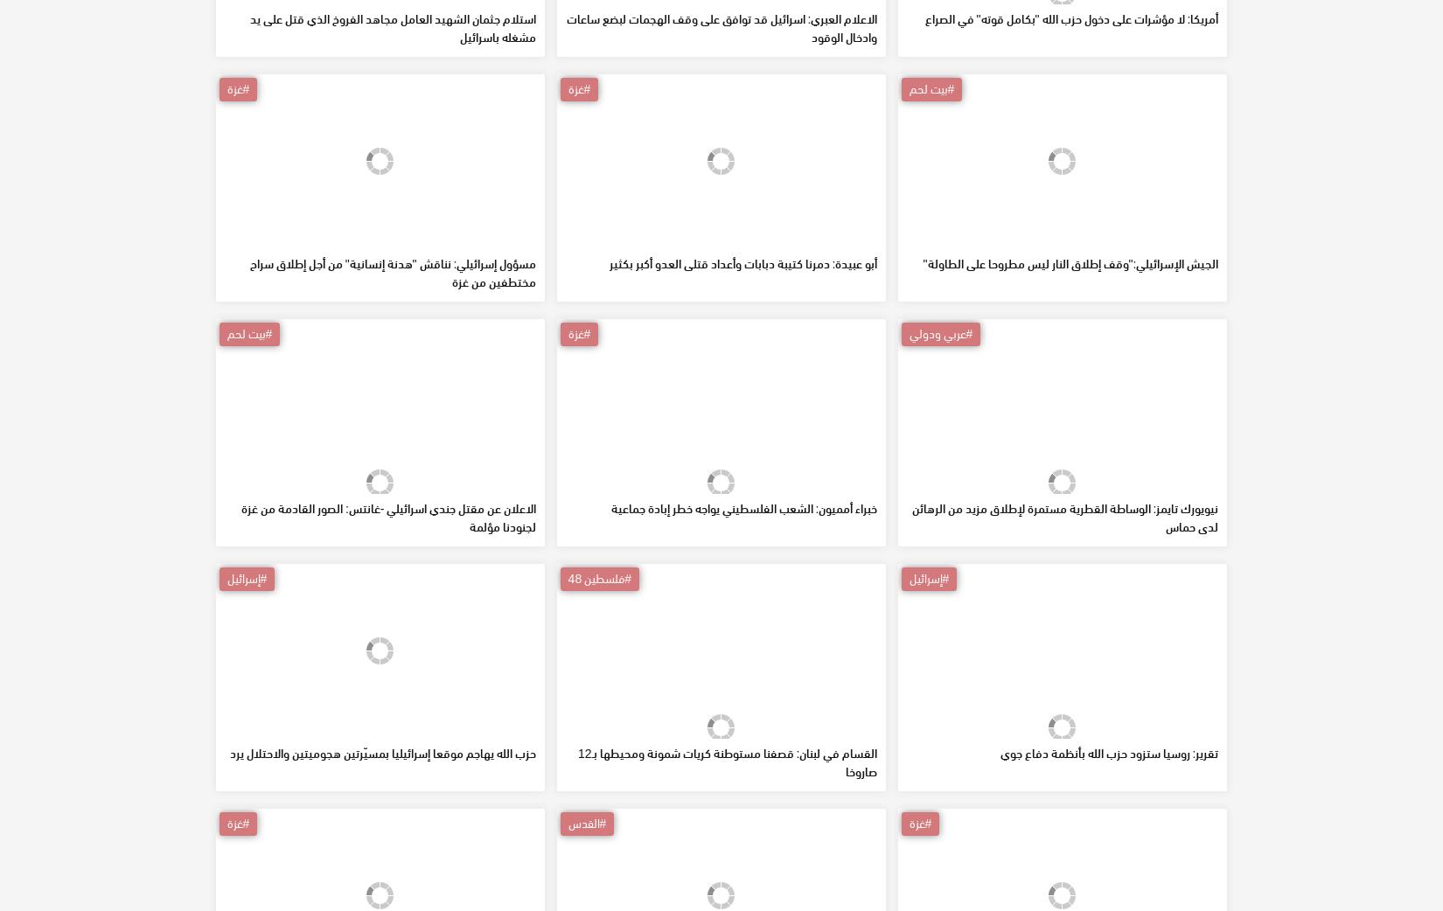 The height and width of the screenshot is (911, 1443). Describe the element at coordinates (1070, 389) in the screenshot. I see `'الجيش الإسرائيلي:"وقف إطلاق النار ليس مطروحا على الطاولة"'` at that location.